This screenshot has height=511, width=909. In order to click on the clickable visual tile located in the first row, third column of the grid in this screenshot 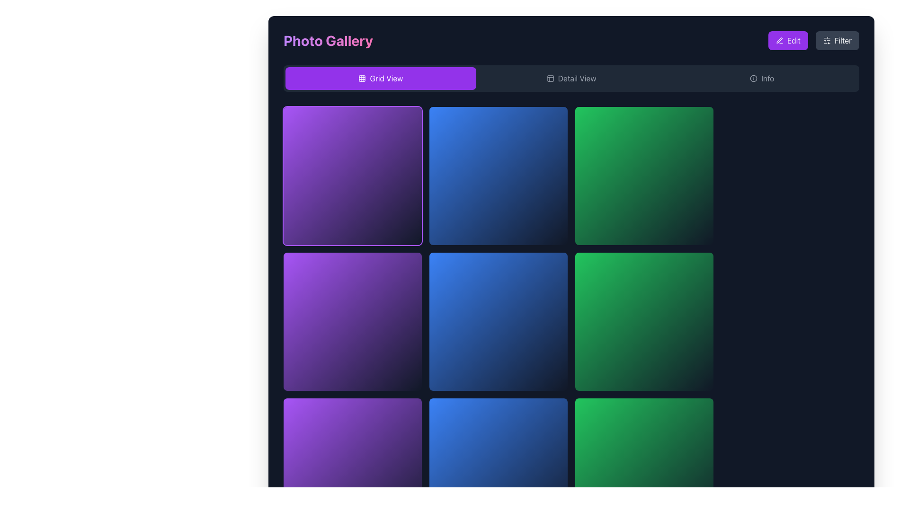, I will do `click(644, 176)`.